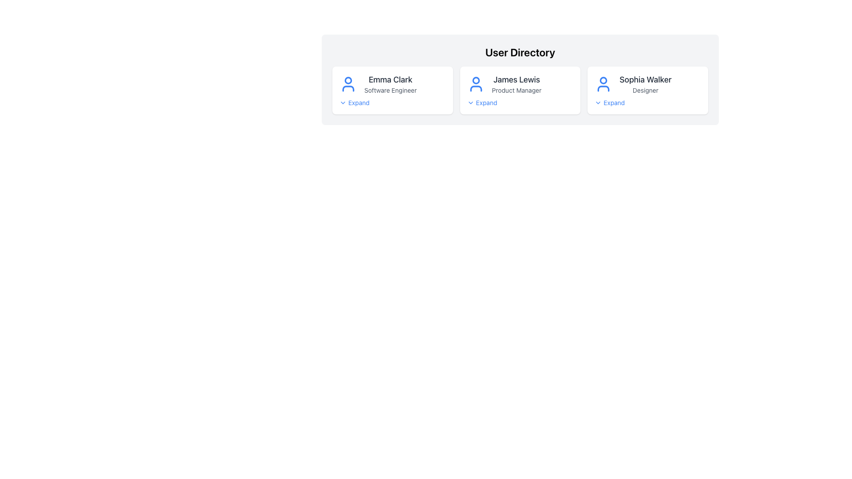 The image size is (852, 479). I want to click on the user profile icon representing 'James Lewis', which is styled as an outlined person figure in blue, located within the user information card to the left of the text block, so click(475, 84).